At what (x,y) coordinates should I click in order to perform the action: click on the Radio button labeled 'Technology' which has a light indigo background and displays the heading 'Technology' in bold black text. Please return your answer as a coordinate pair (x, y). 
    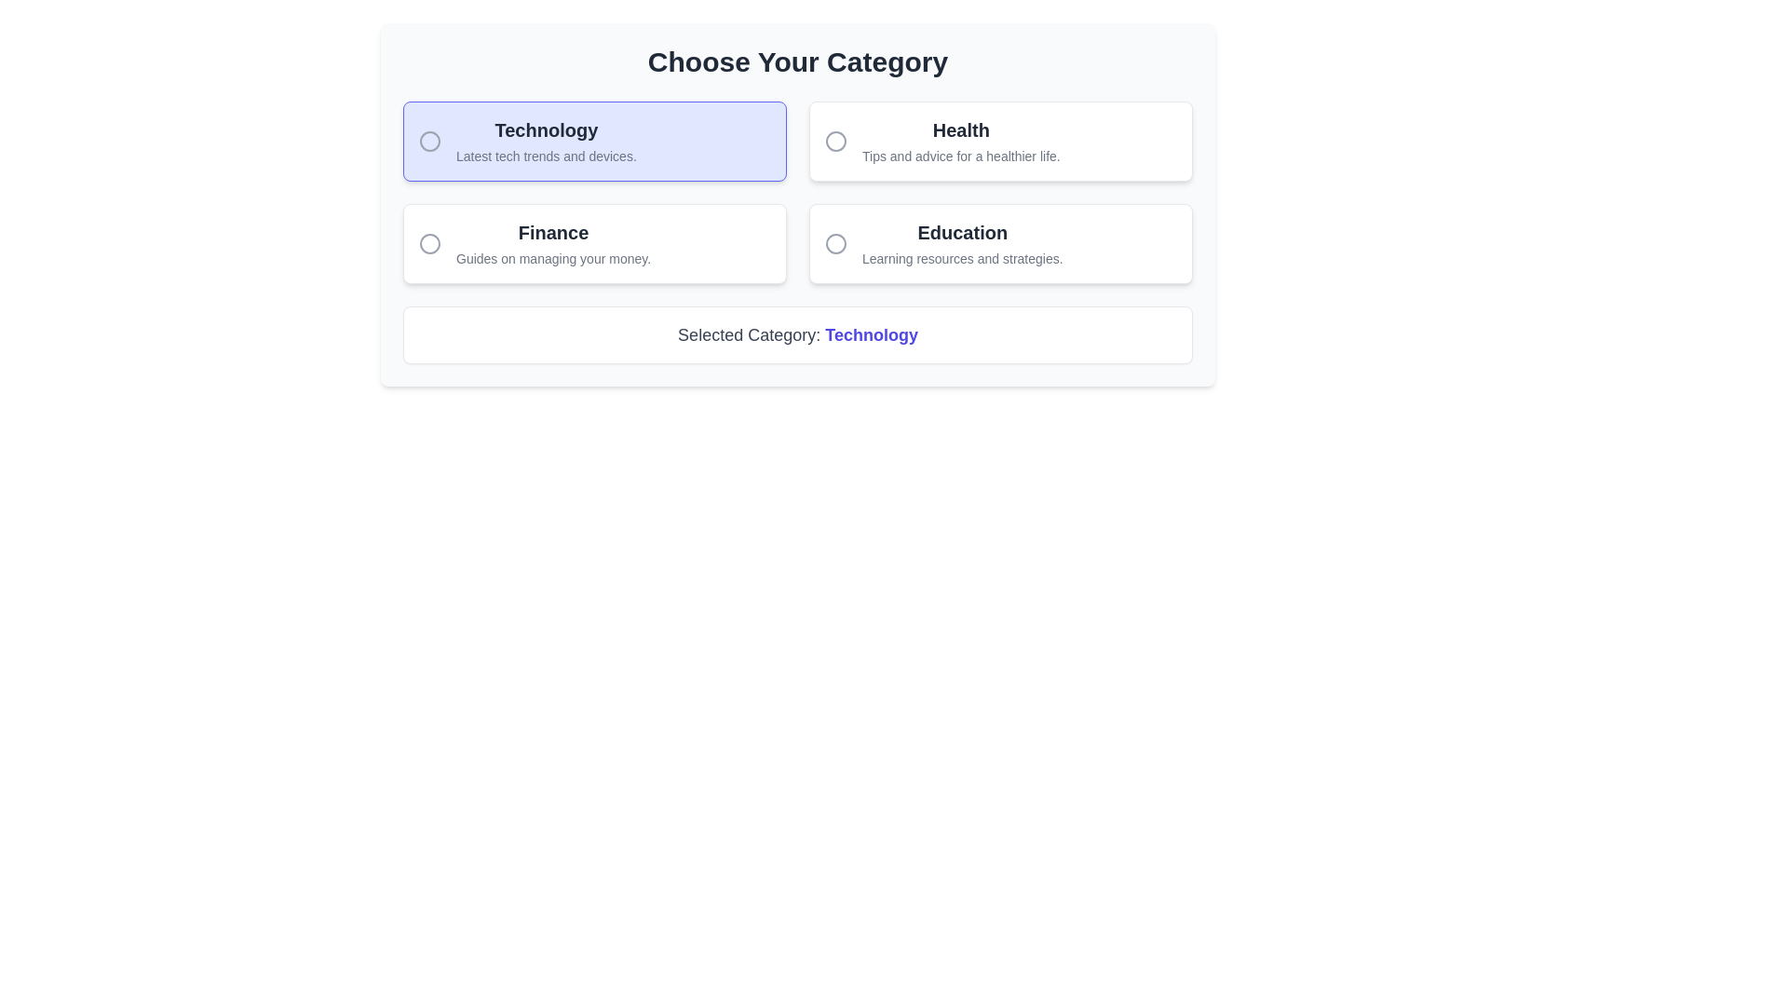
    Looking at the image, I should click on (593, 140).